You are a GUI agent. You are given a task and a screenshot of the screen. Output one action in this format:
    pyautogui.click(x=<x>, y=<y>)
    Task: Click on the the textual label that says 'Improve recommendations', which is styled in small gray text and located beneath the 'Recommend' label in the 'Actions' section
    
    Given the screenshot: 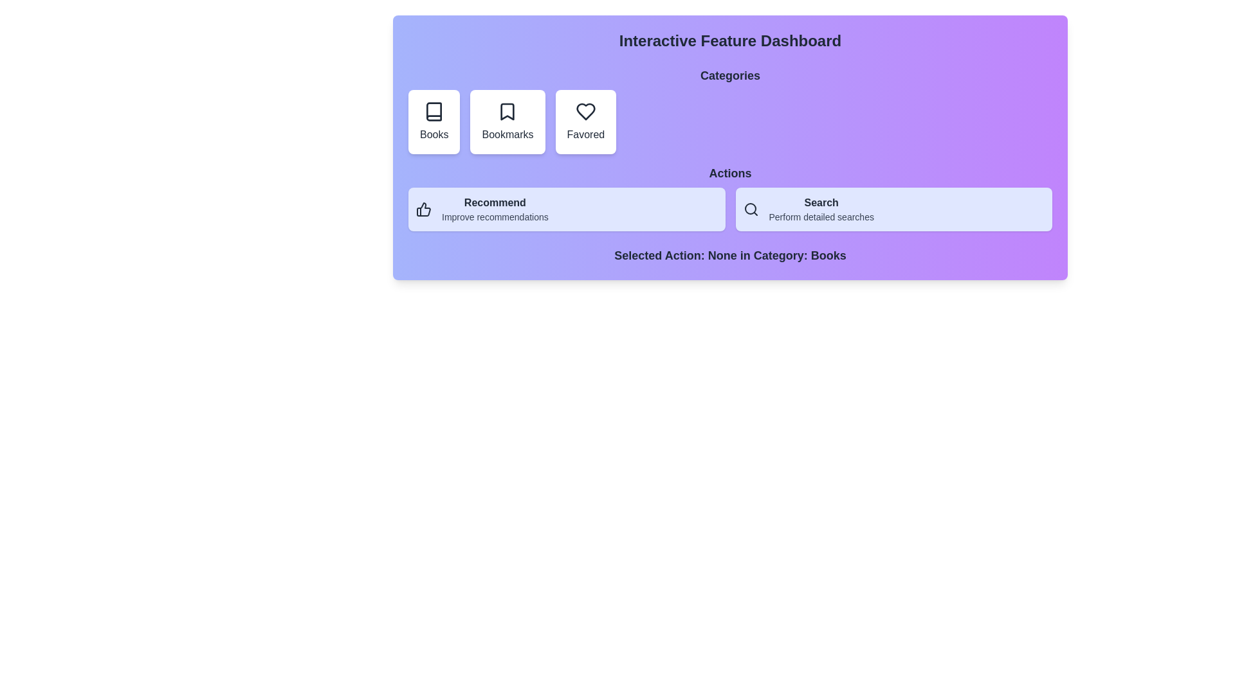 What is the action you would take?
    pyautogui.click(x=494, y=217)
    